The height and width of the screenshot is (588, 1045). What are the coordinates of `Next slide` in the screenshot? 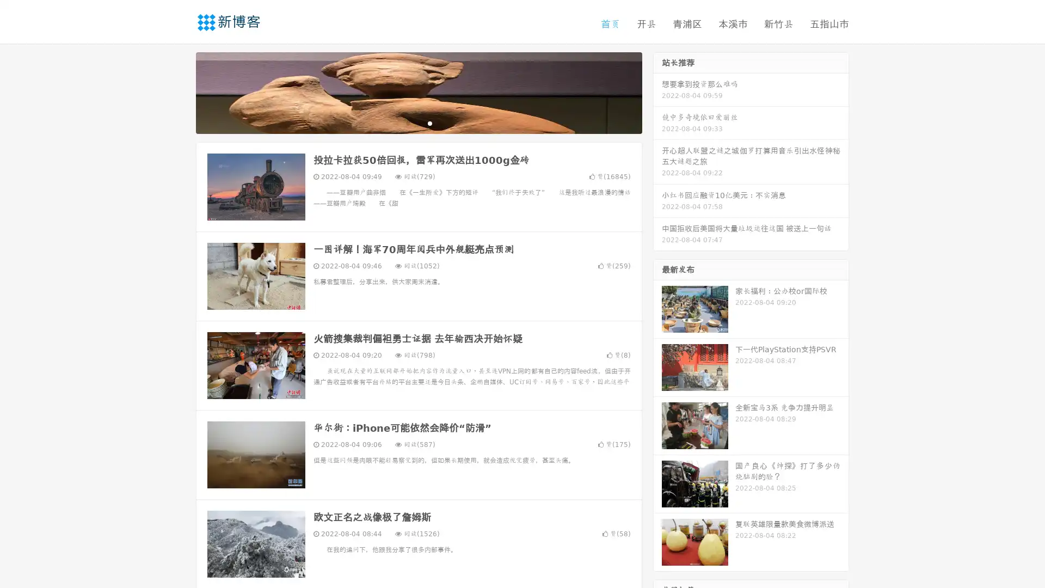 It's located at (657, 91).